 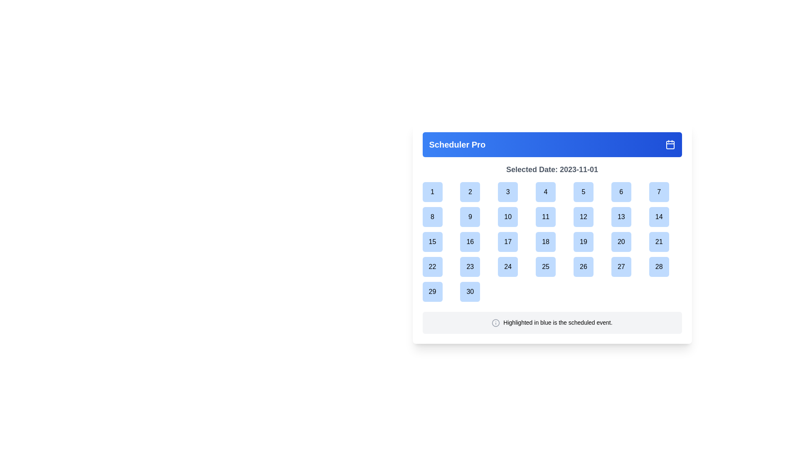 I want to click on the square button with a light blue background and the number '23' in black text, so click(x=470, y=266).